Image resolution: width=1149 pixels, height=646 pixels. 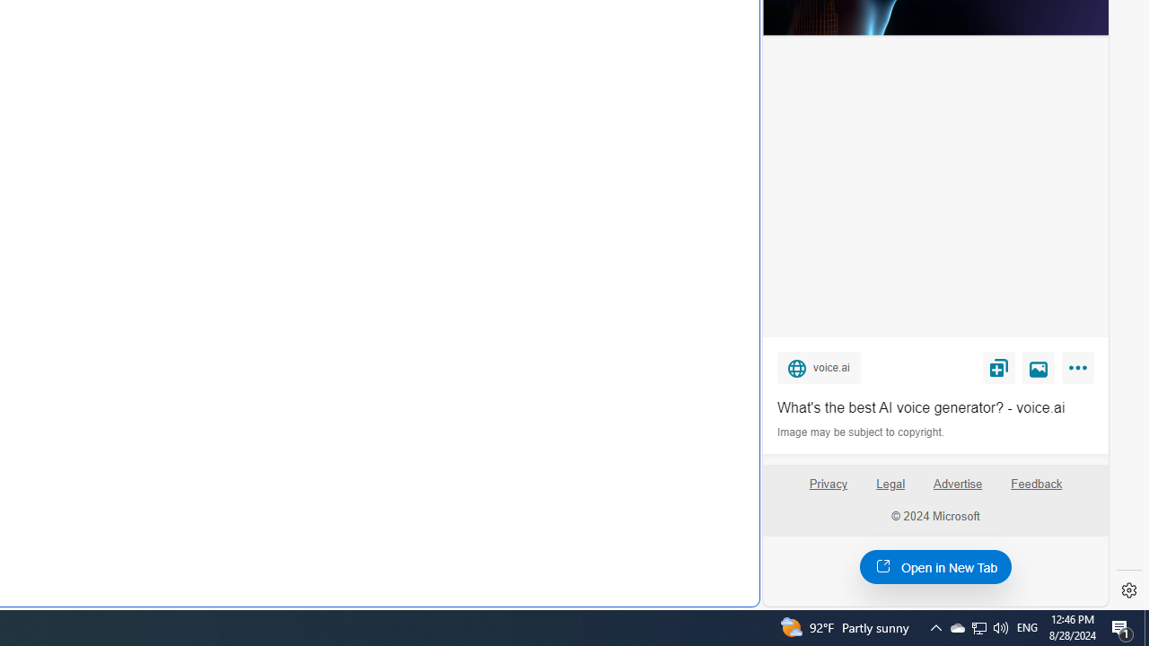 What do you see at coordinates (997, 366) in the screenshot?
I see `'Save'` at bounding box center [997, 366].